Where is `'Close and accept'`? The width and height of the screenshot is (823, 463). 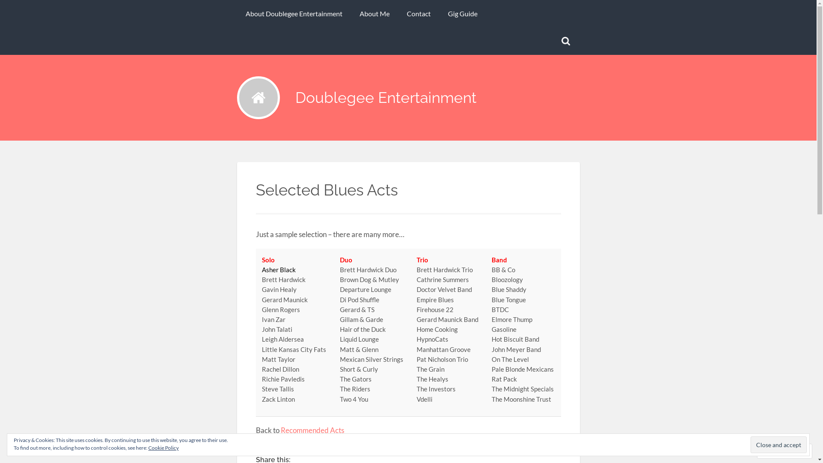
'Close and accept' is located at coordinates (778, 444).